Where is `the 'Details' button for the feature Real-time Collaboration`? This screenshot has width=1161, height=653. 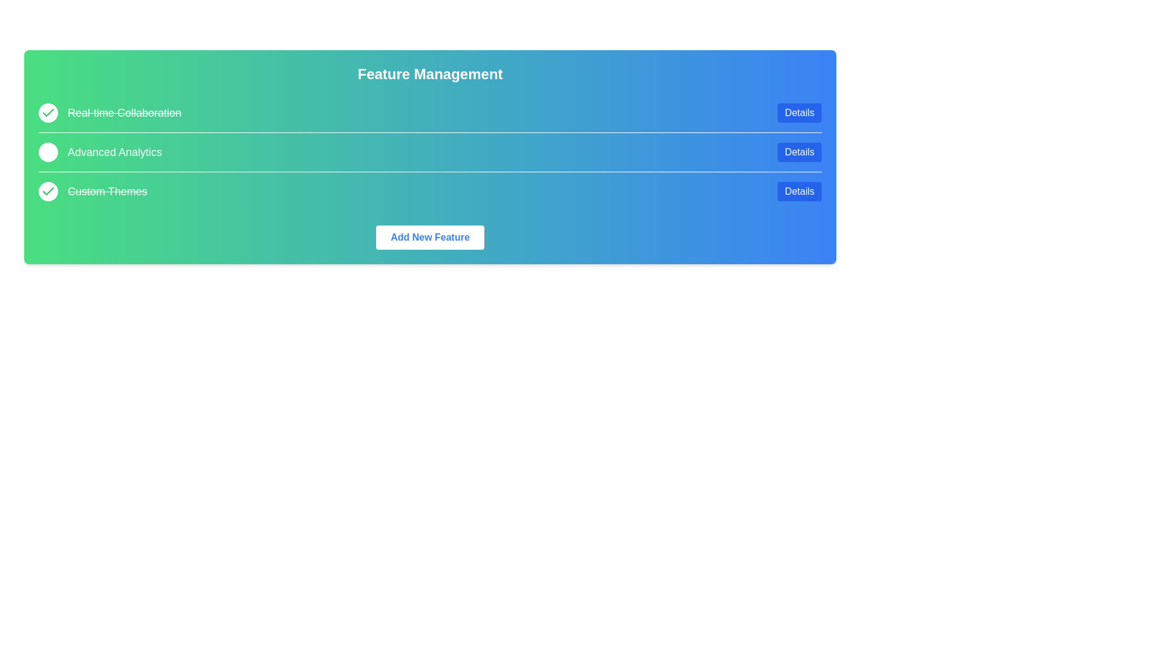
the 'Details' button for the feature Real-time Collaboration is located at coordinates (799, 112).